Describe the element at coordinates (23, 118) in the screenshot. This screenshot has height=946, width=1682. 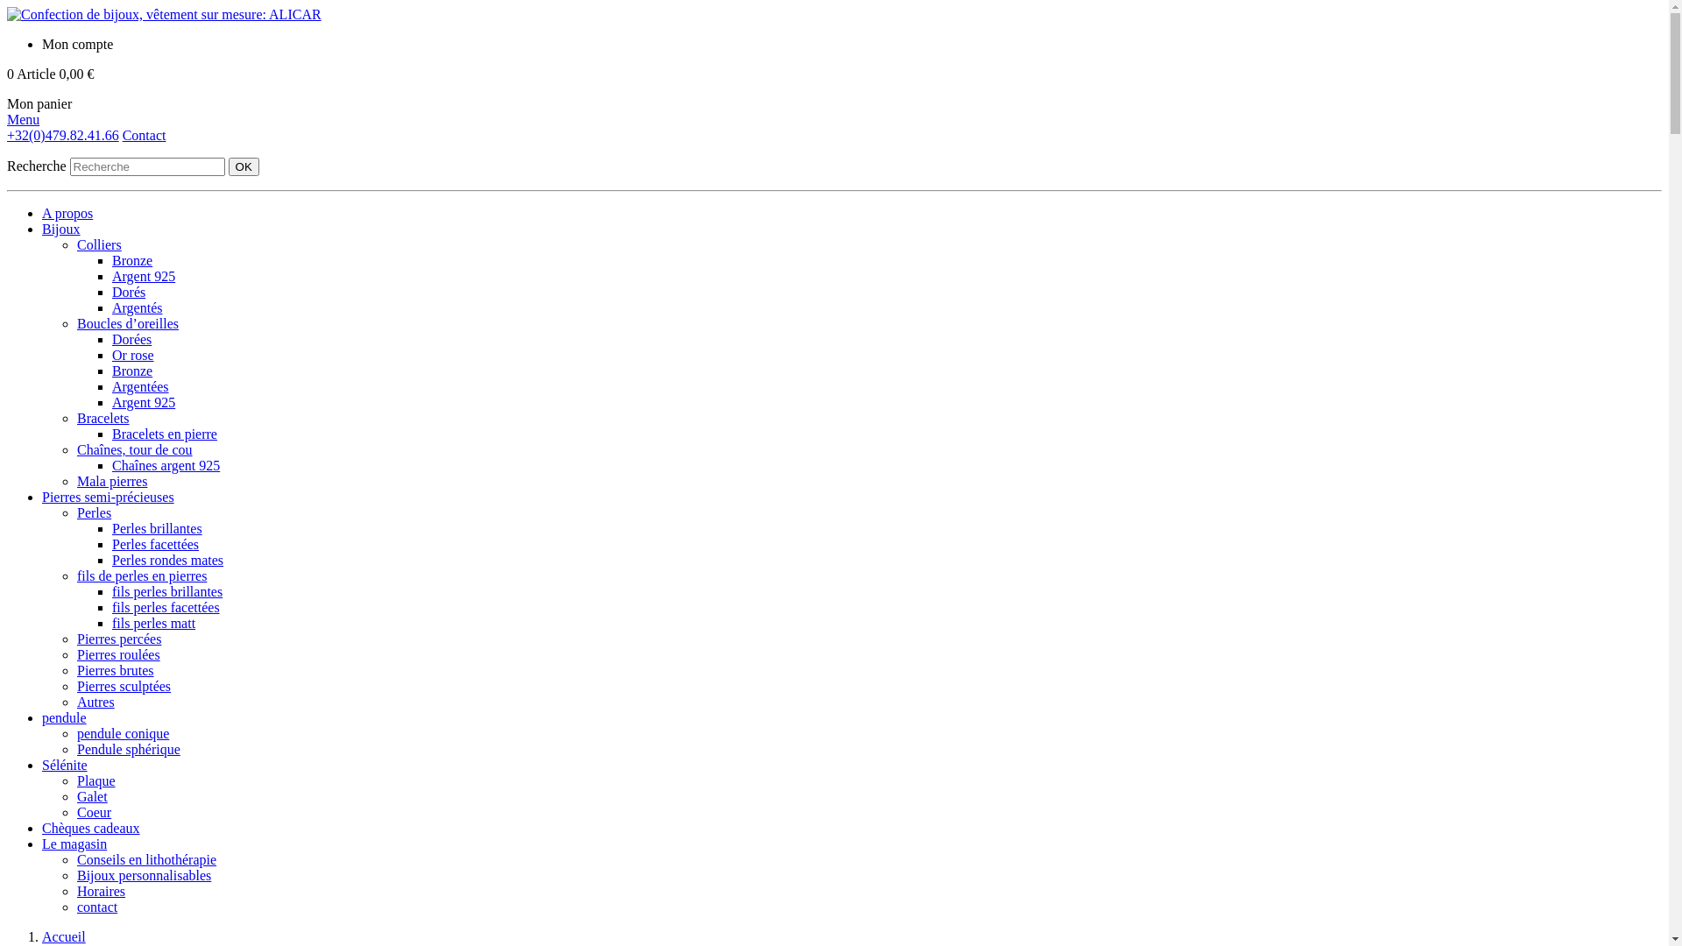
I see `'Menu'` at that location.